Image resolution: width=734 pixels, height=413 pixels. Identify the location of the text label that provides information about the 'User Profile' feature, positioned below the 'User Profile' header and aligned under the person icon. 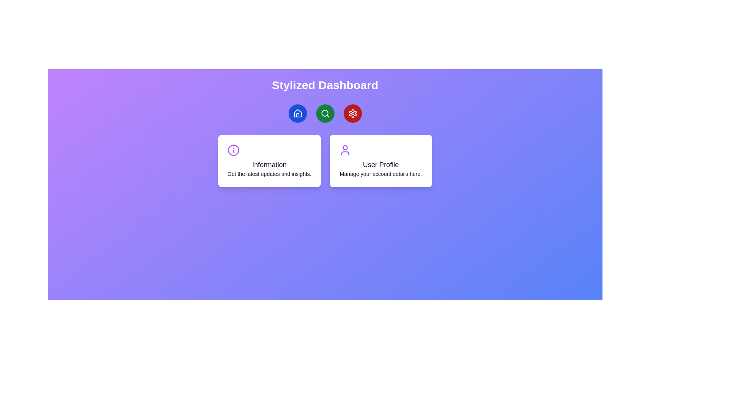
(381, 174).